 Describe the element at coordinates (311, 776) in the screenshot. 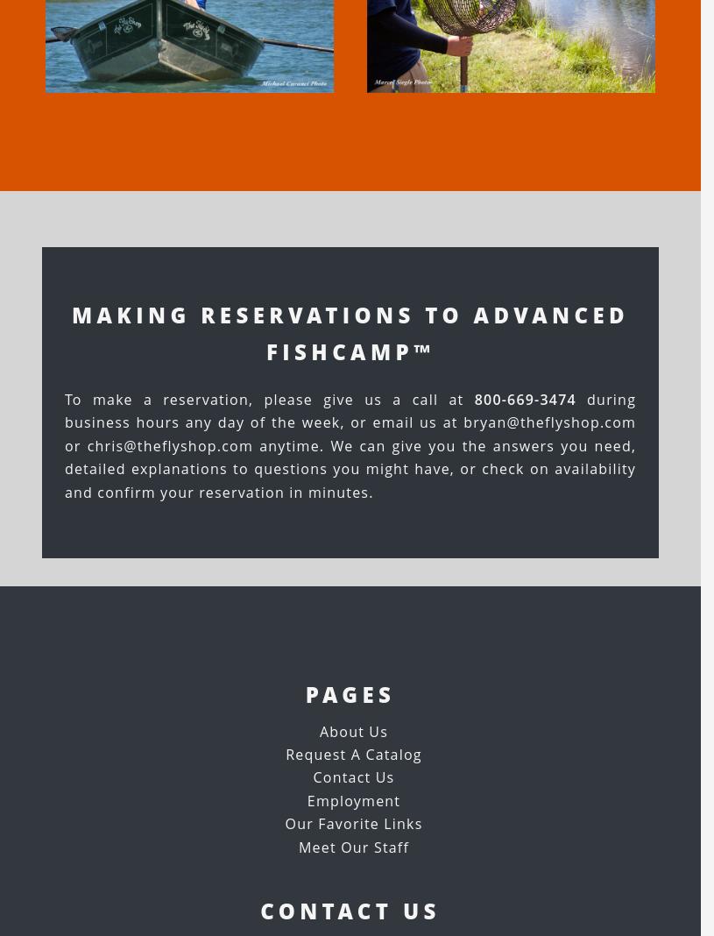

I see `'Contact Us'` at that location.